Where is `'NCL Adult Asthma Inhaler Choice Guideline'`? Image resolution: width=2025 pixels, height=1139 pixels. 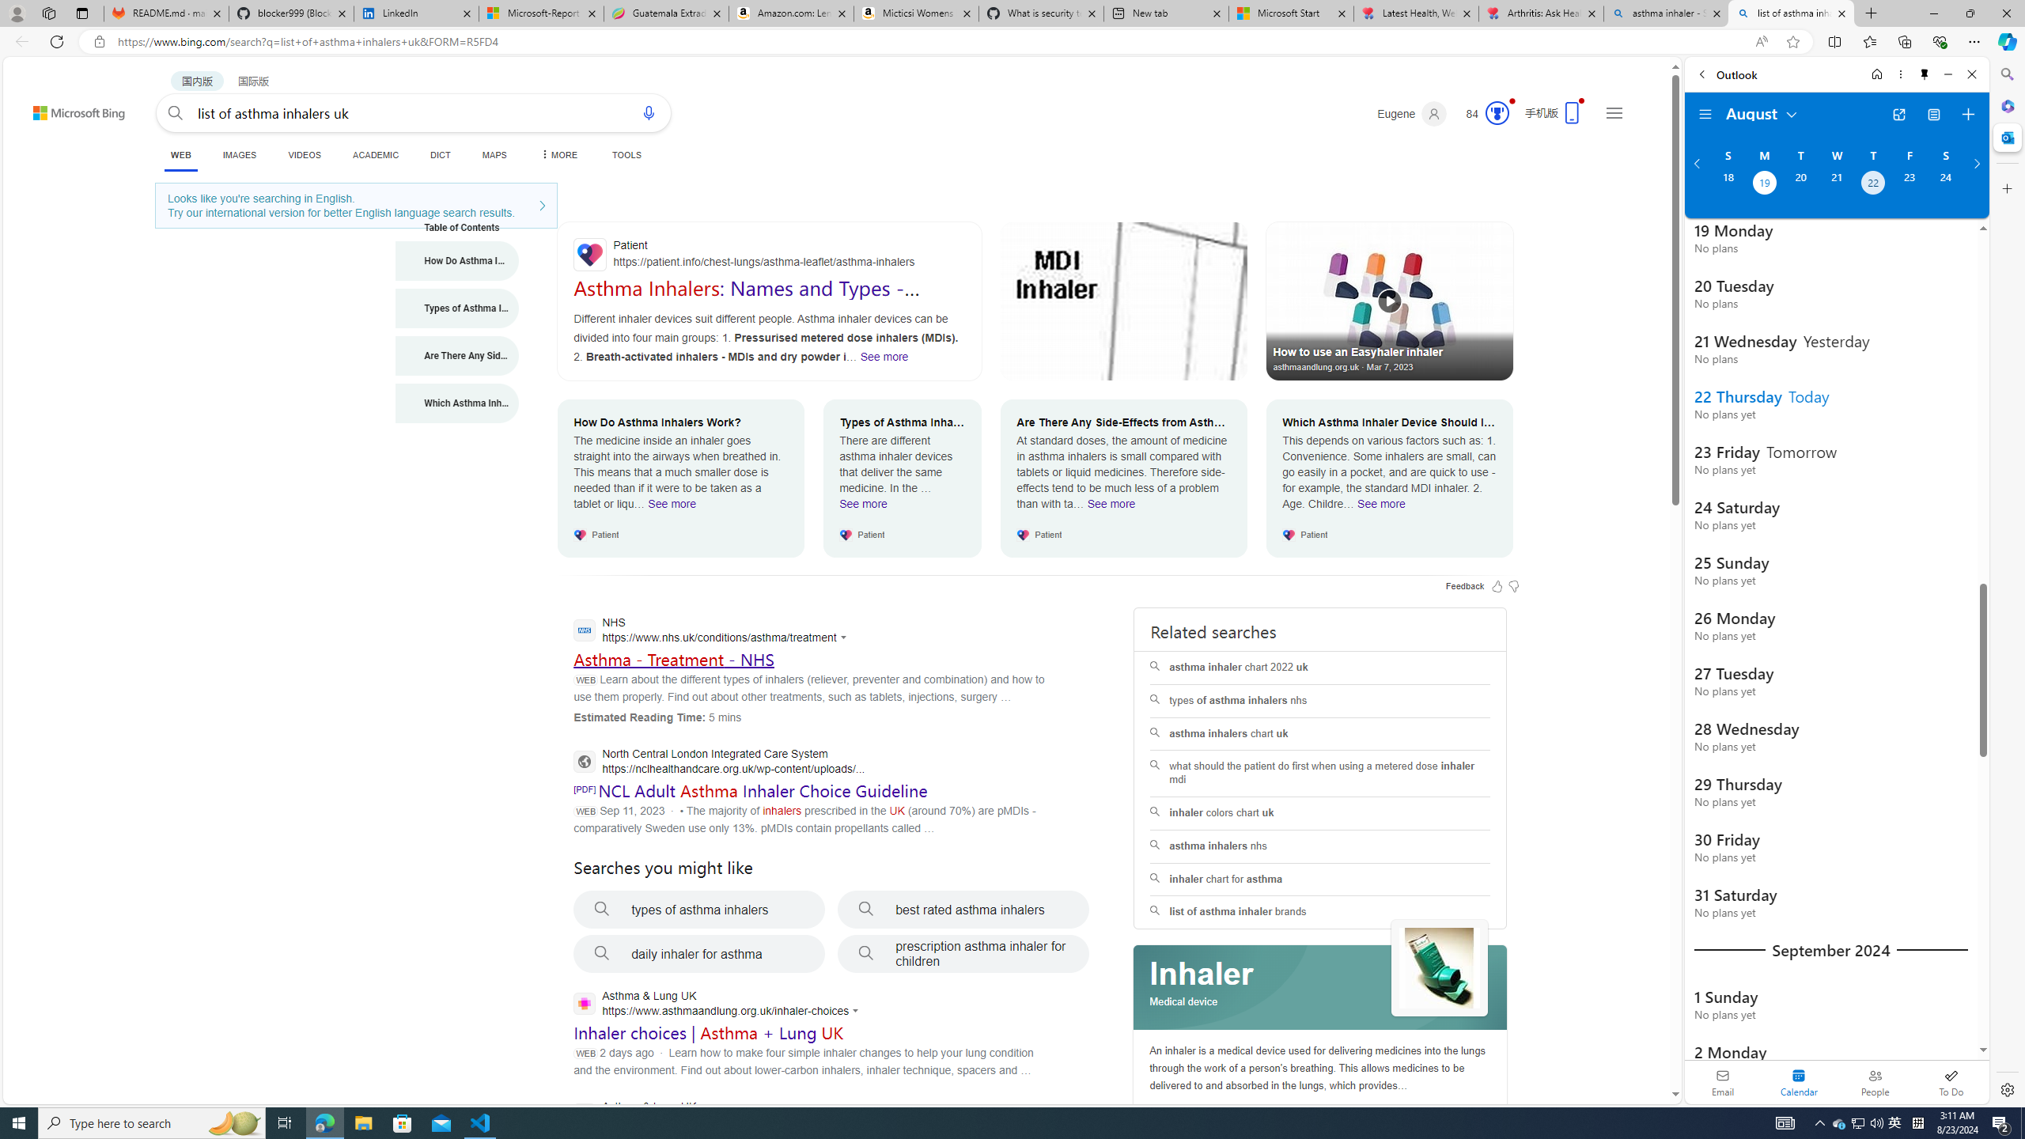
'NCL Adult Asthma Inhaler Choice Guideline' is located at coordinates (761, 790).